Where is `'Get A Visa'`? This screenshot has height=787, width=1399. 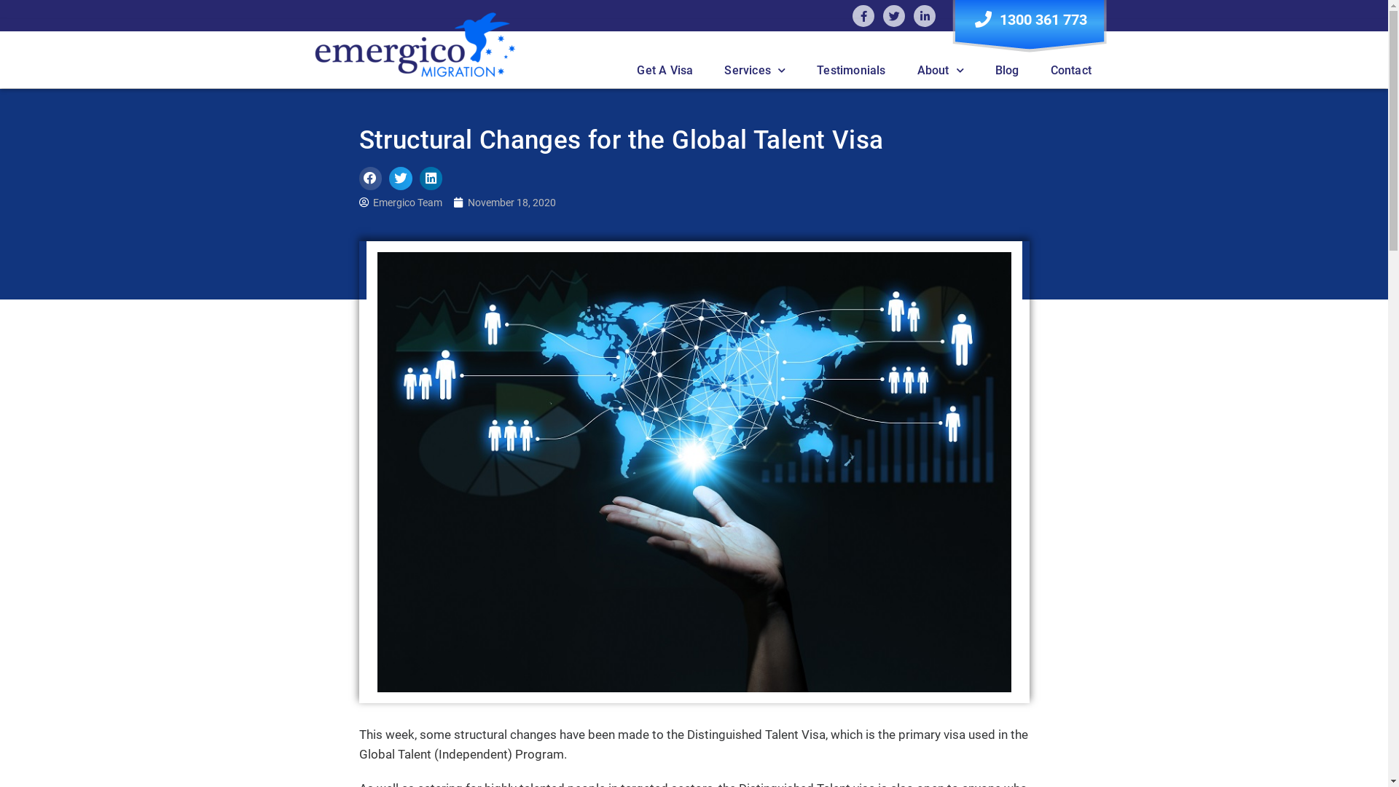
'Get A Visa' is located at coordinates (664, 70).